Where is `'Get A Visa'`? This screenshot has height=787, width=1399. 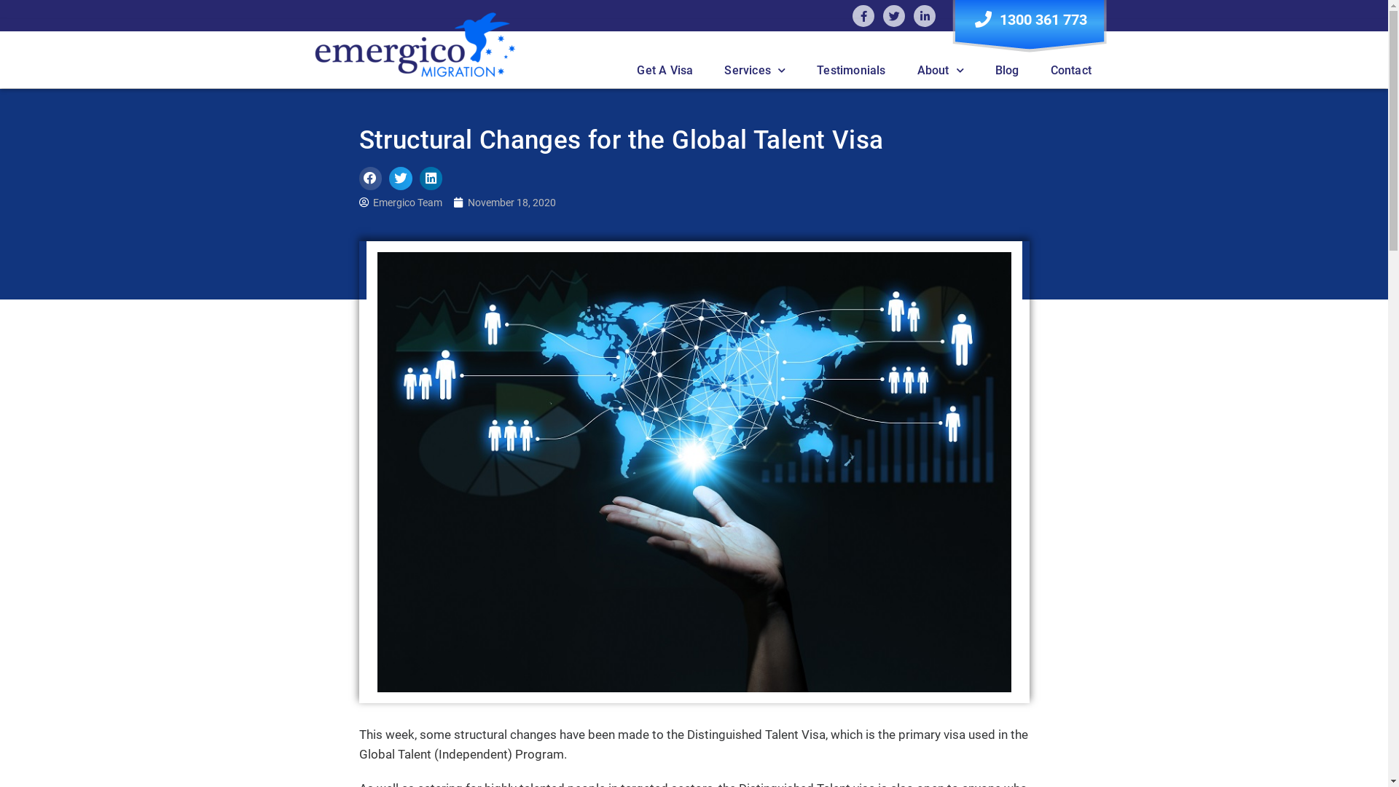
'Get A Visa' is located at coordinates (664, 70).